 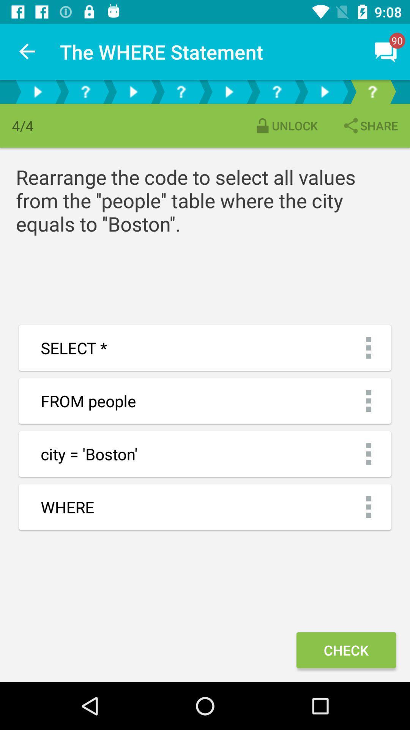 I want to click on the unlock item, so click(x=285, y=125).